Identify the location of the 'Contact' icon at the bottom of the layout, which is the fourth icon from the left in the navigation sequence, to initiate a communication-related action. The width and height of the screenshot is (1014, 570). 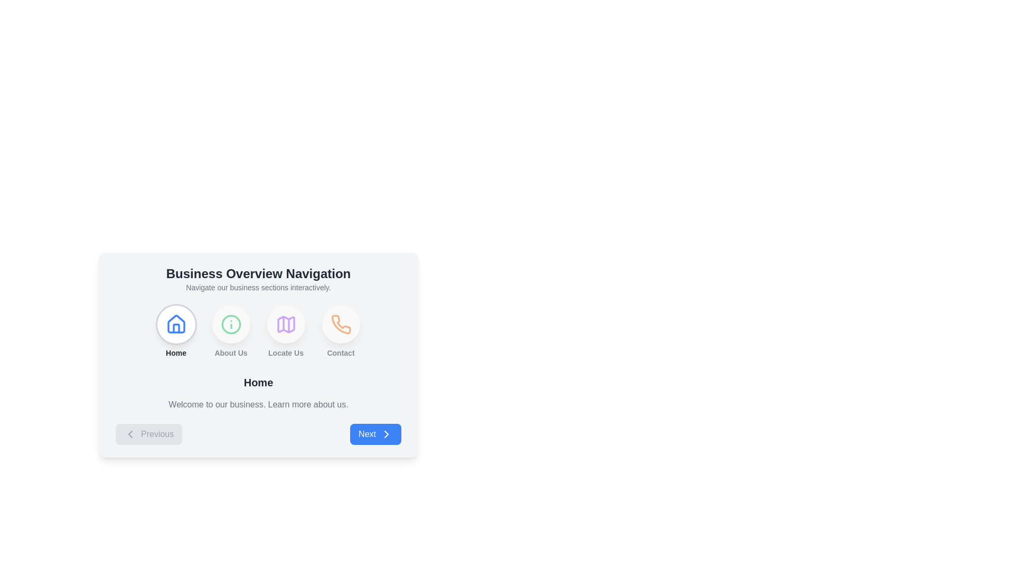
(341, 324).